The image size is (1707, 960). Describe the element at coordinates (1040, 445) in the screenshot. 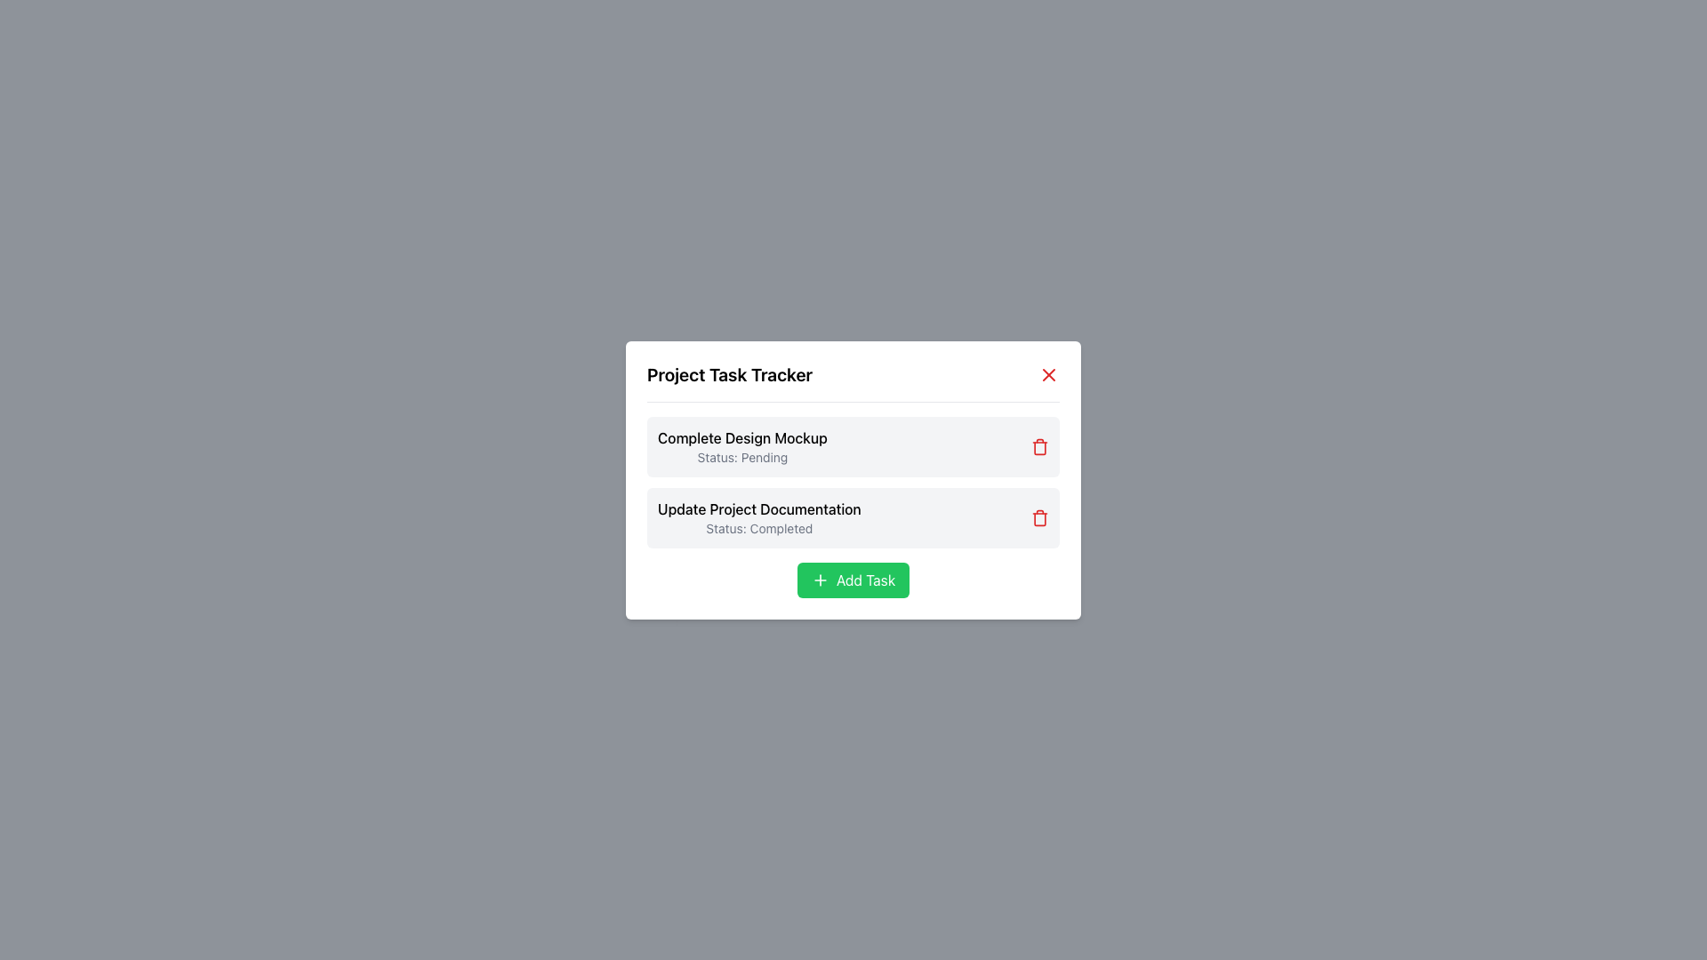

I see `the delete icon button located at the top-right corner of the 'Complete Design Mockup' task card` at that location.